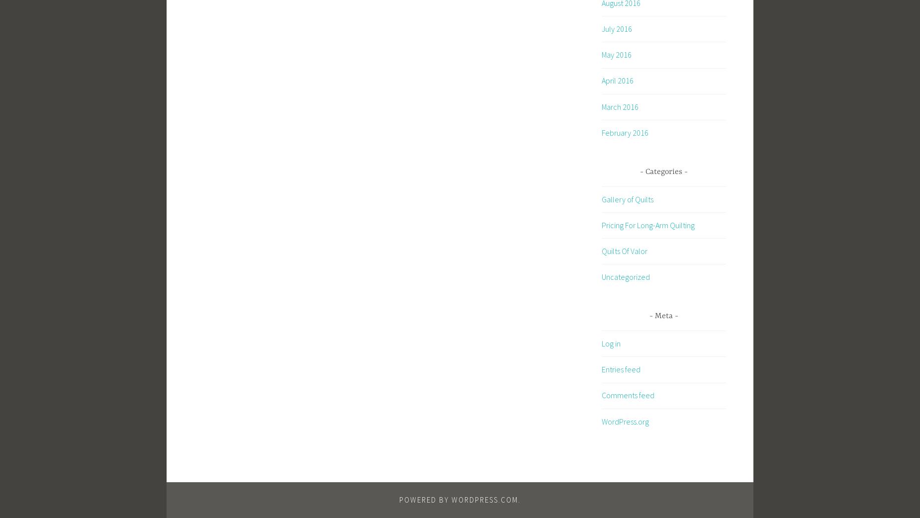 The height and width of the screenshot is (518, 920). I want to click on 'Uncategorized', so click(625, 276).